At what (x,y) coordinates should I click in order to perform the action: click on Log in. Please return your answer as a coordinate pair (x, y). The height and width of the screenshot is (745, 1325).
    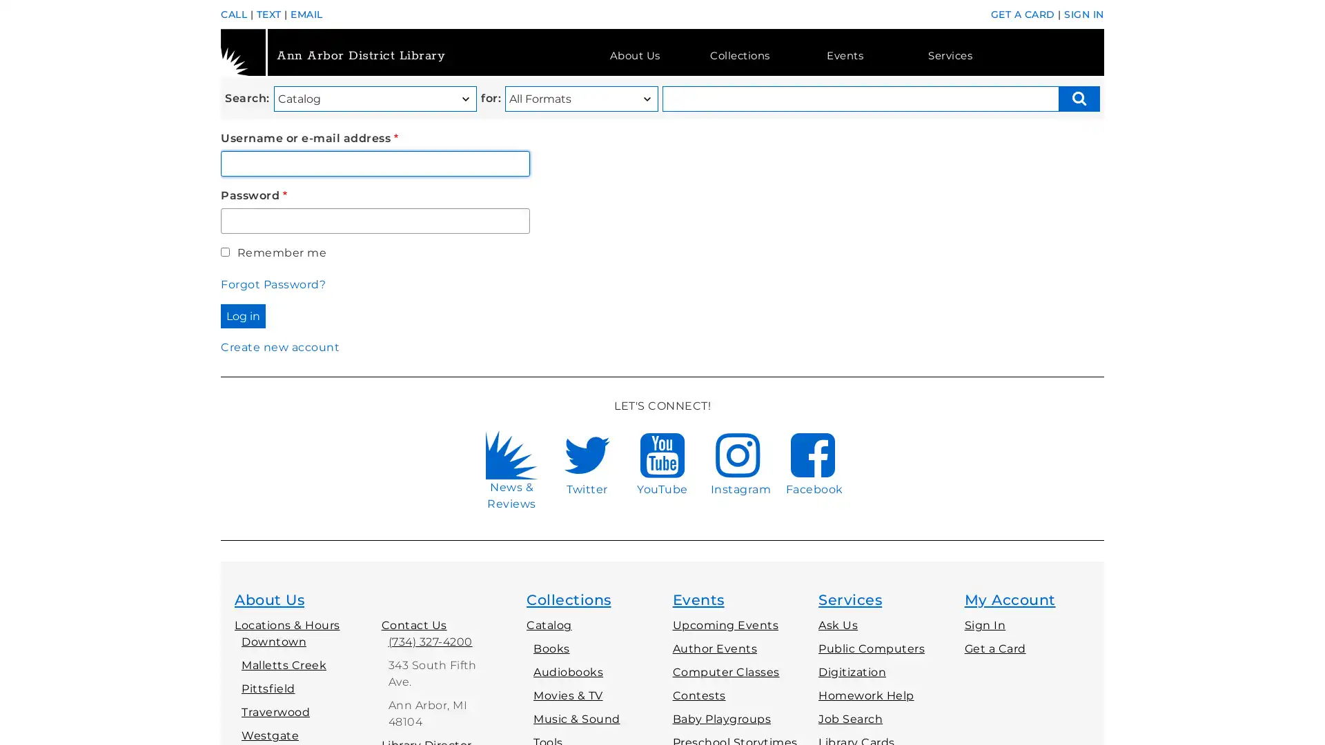
    Looking at the image, I should click on (243, 316).